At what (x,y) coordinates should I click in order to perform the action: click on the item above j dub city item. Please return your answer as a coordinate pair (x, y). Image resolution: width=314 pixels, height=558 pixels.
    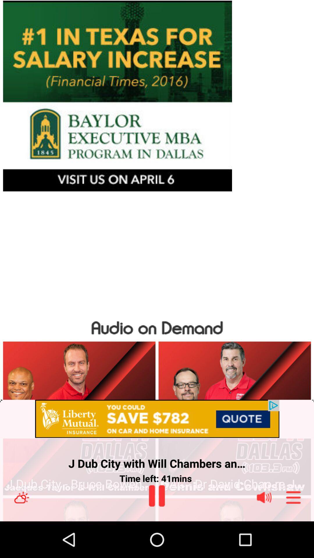
    Looking at the image, I should click on (157, 419).